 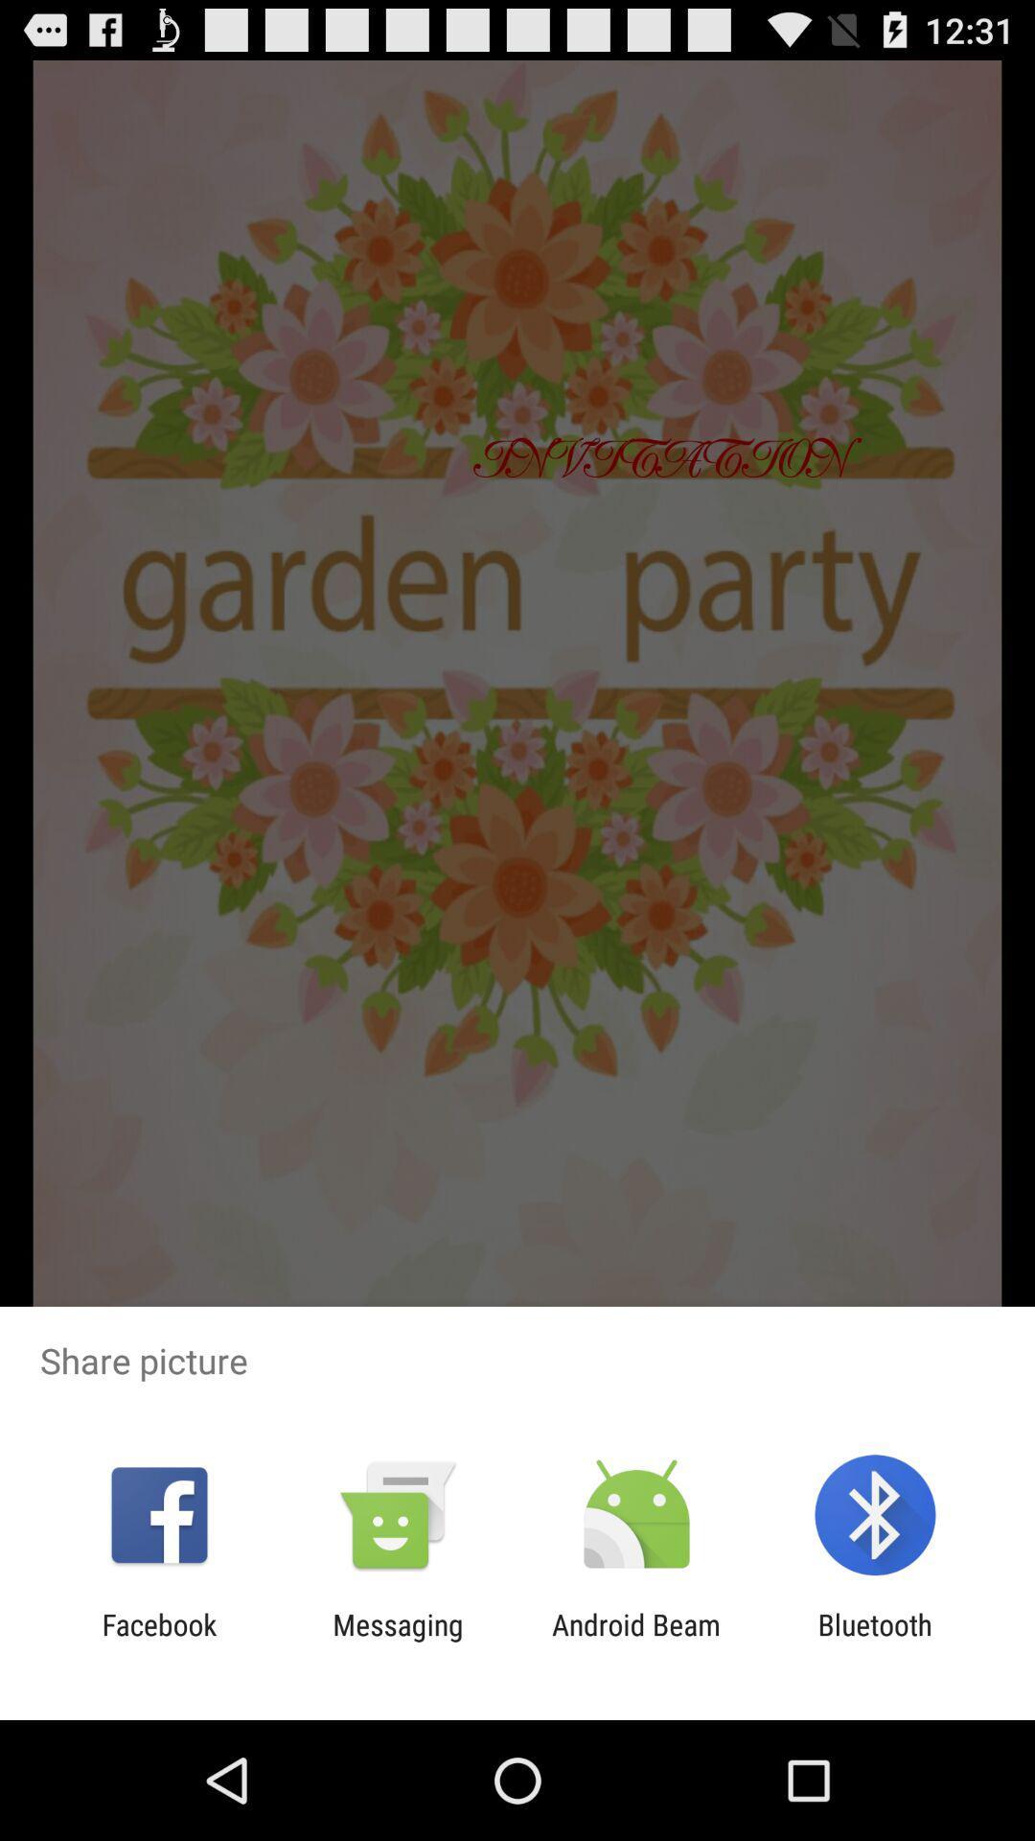 I want to click on the messaging, so click(x=397, y=1641).